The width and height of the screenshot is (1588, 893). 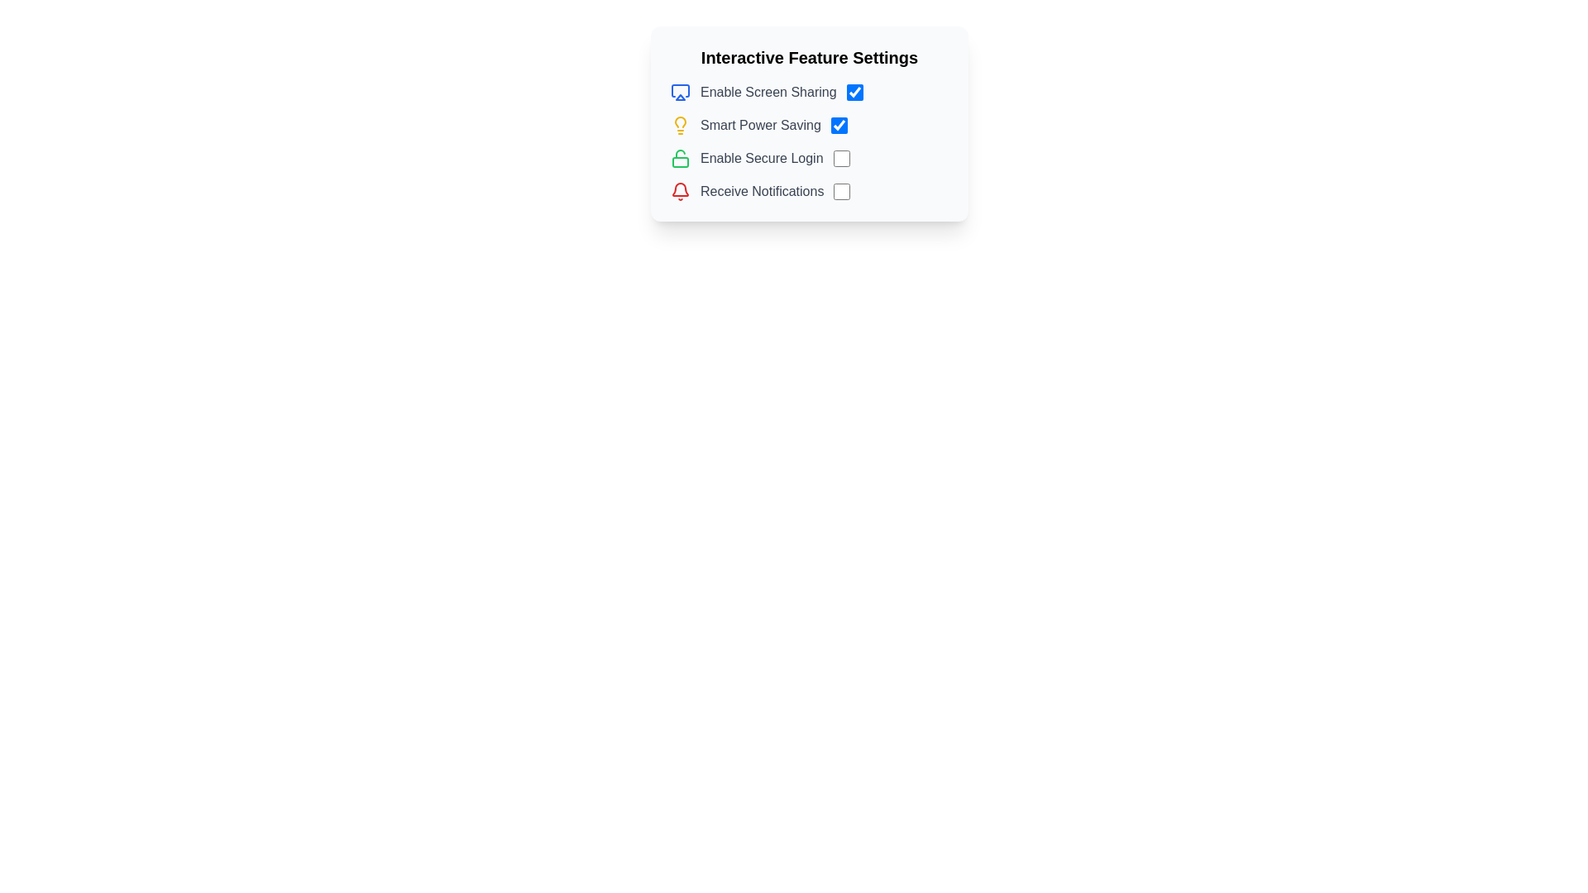 What do you see at coordinates (810, 56) in the screenshot?
I see `the bold, black-colored header reading 'Interactive Feature Settings' that is positioned above a list of interactive feature controls in a light gray panel` at bounding box center [810, 56].